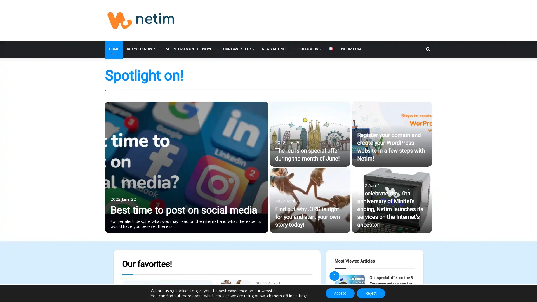 Image resolution: width=537 pixels, height=302 pixels. Describe the element at coordinates (340, 293) in the screenshot. I see `Accept` at that location.